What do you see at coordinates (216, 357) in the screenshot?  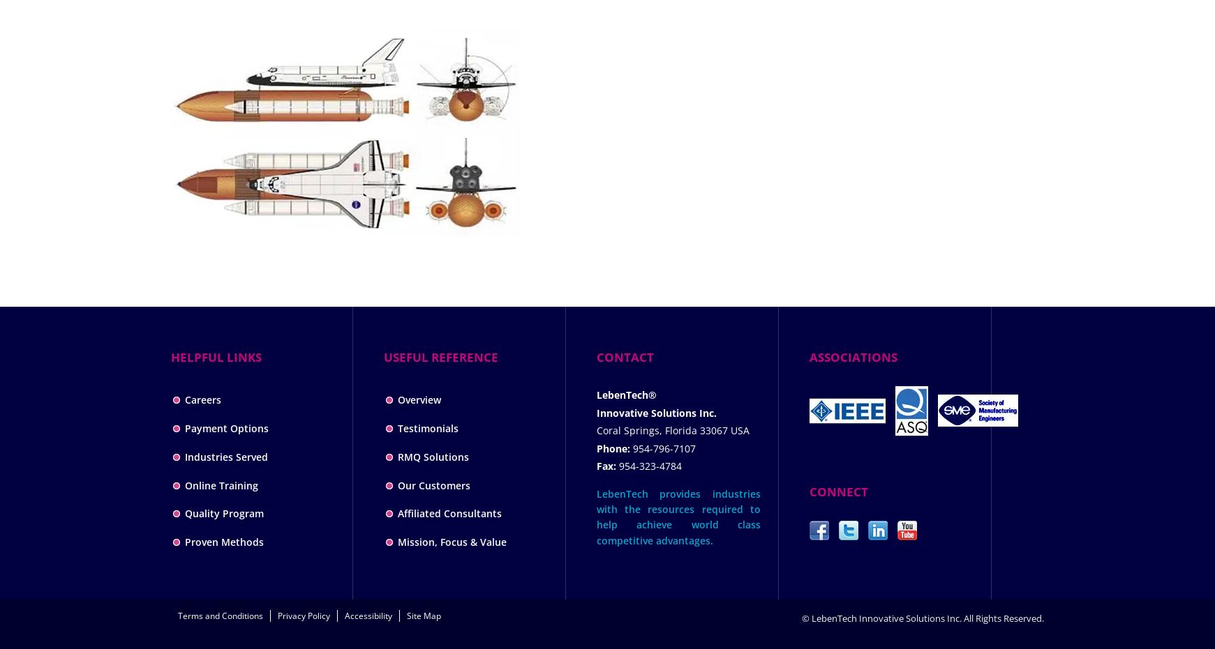 I see `'HELPFUL LINKS'` at bounding box center [216, 357].